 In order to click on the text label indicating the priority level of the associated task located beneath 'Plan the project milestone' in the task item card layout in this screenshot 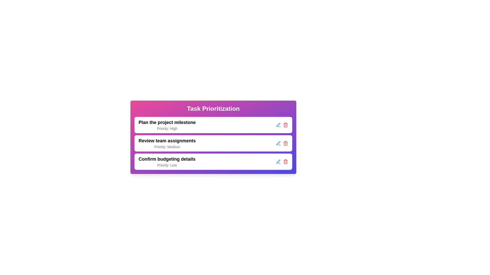, I will do `click(167, 128)`.